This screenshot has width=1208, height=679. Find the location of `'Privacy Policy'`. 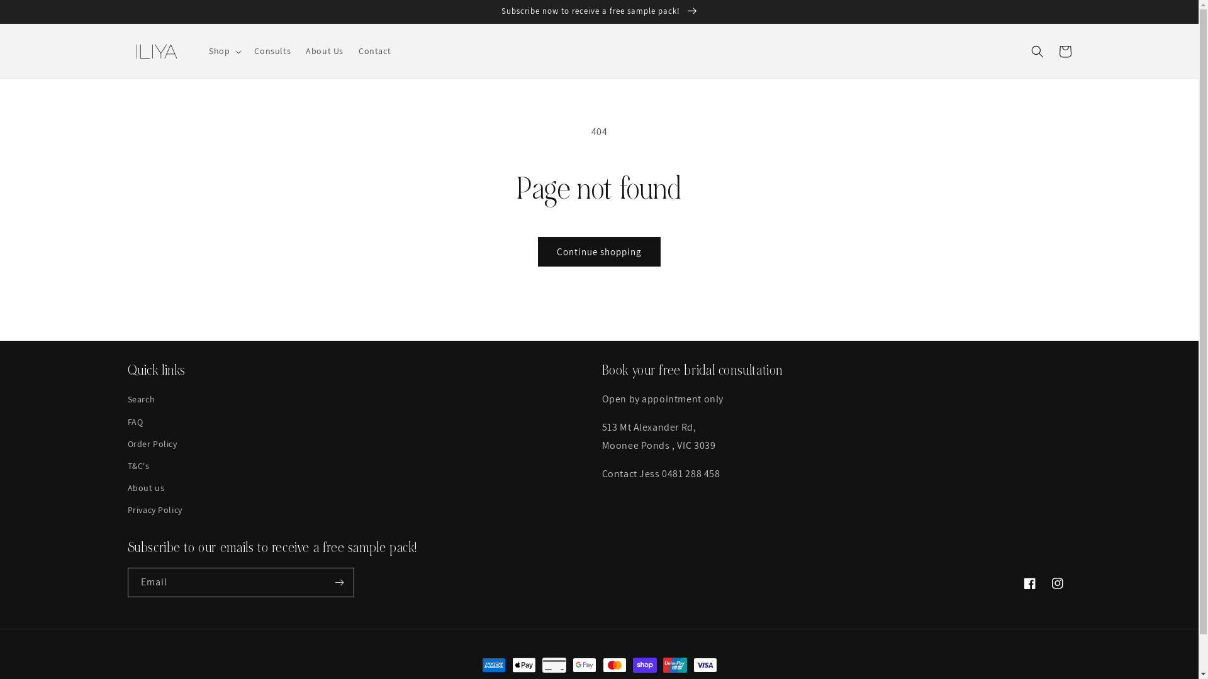

'Privacy Policy' is located at coordinates (154, 510).